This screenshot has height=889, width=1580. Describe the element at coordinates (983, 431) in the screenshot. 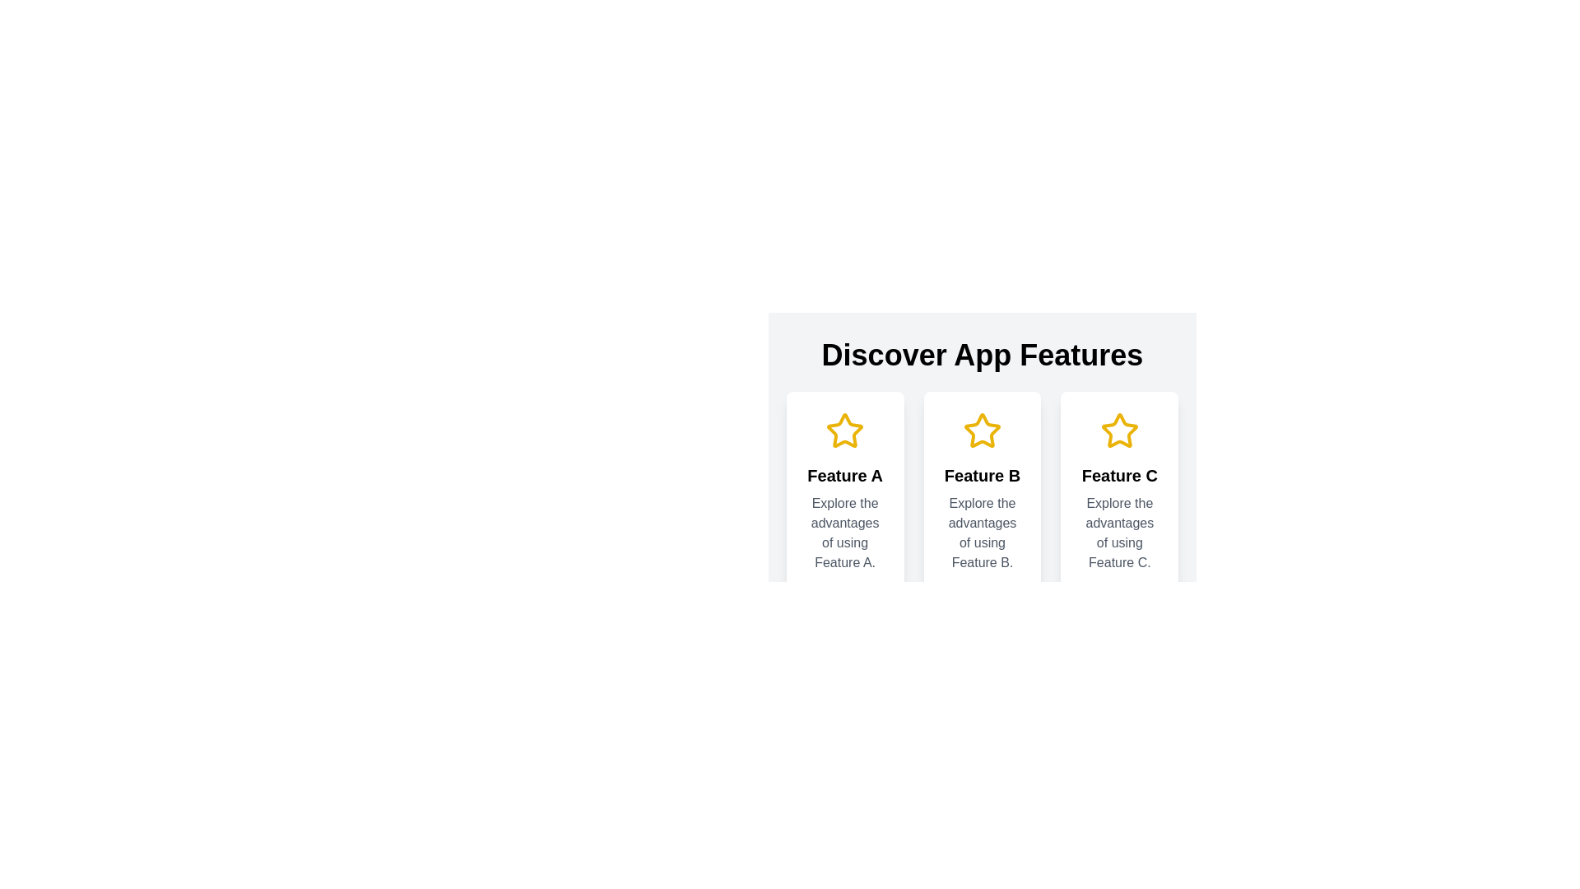

I see `the yellow star icon above the text 'Feature B' in the card-style design` at that location.